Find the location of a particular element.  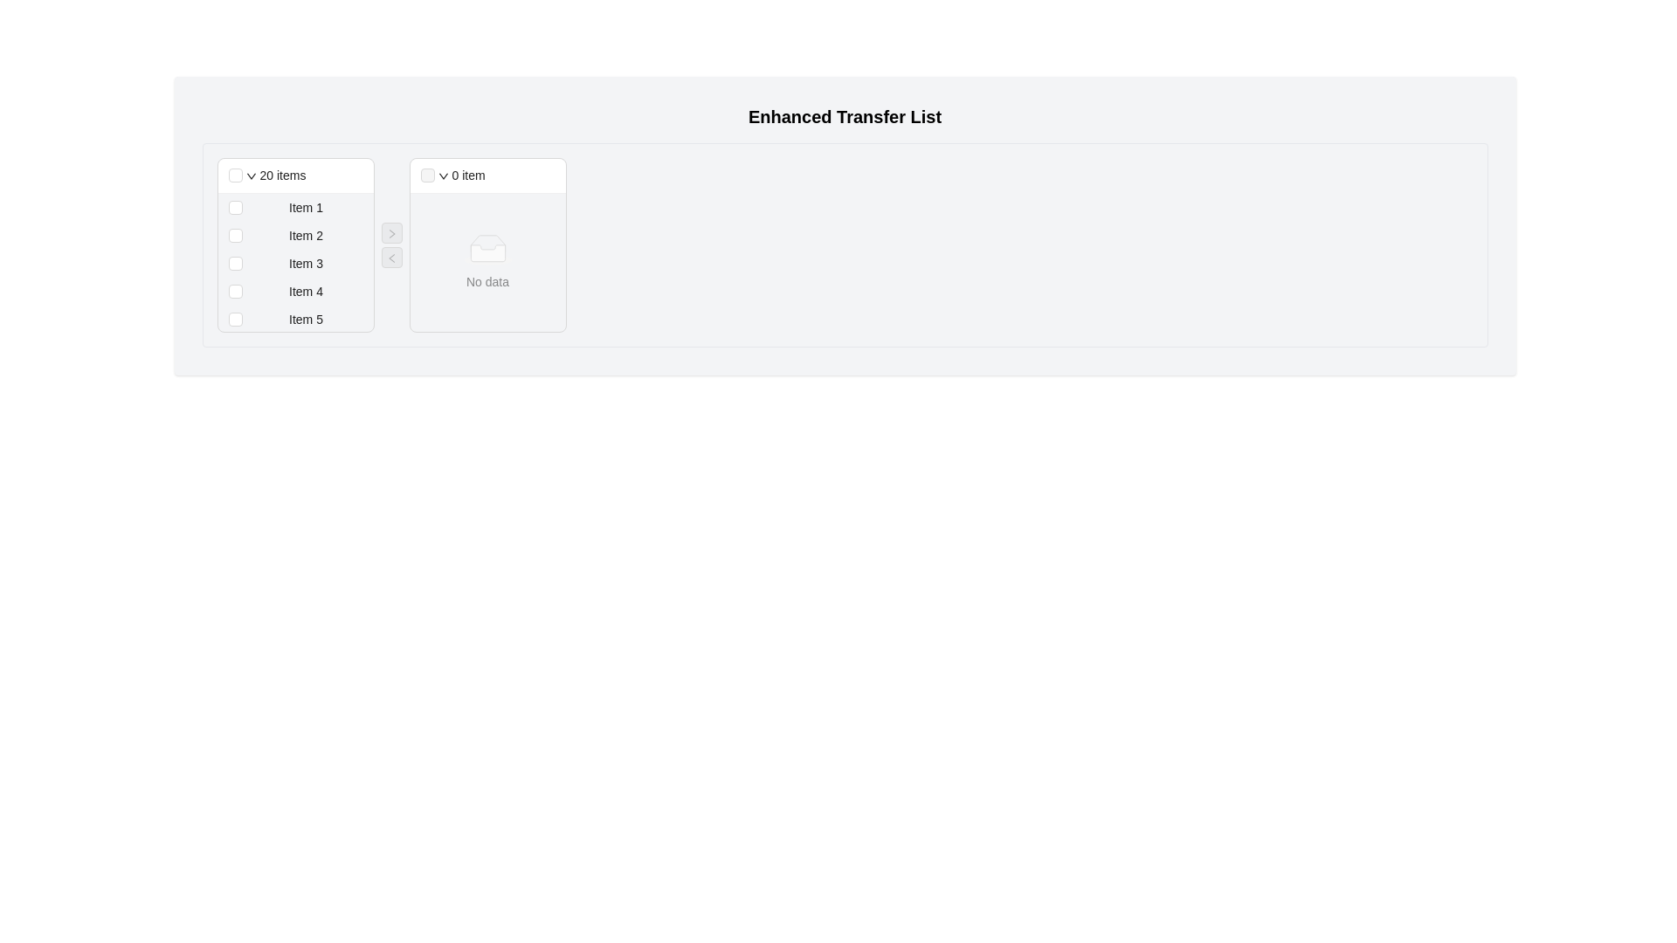

the Dropdown trigger icon located in the right-side list header of the transfer list, positioned to the right of a disabled checkbox and aligned with the text '0 item' is located at coordinates (443, 176).